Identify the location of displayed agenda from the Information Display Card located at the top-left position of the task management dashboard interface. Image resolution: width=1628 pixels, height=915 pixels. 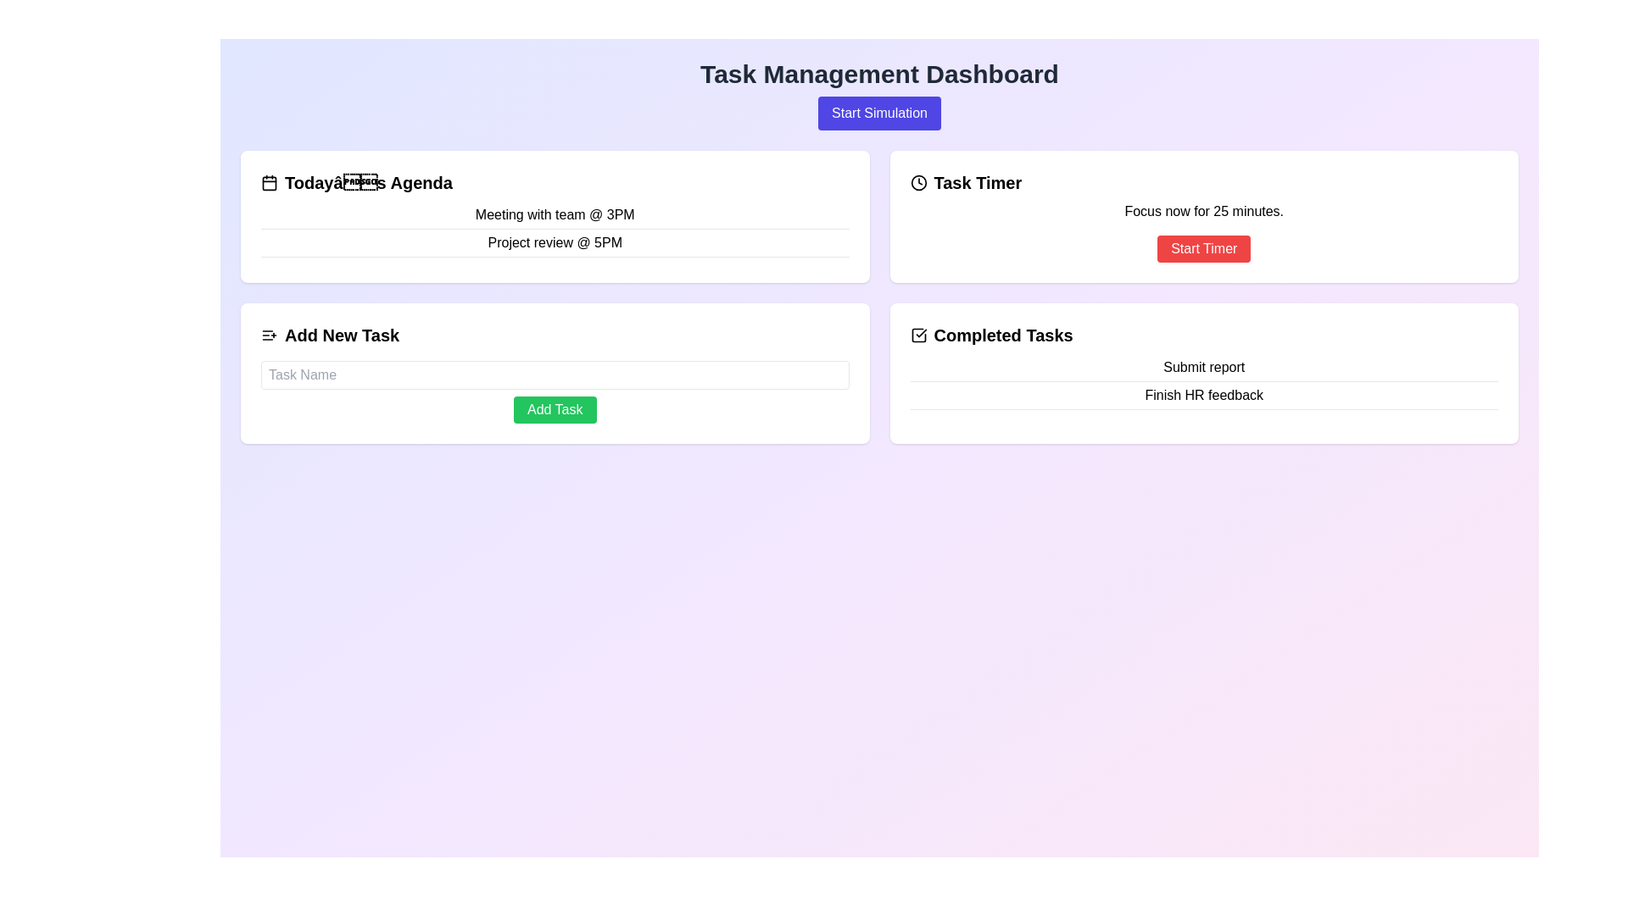
(555, 215).